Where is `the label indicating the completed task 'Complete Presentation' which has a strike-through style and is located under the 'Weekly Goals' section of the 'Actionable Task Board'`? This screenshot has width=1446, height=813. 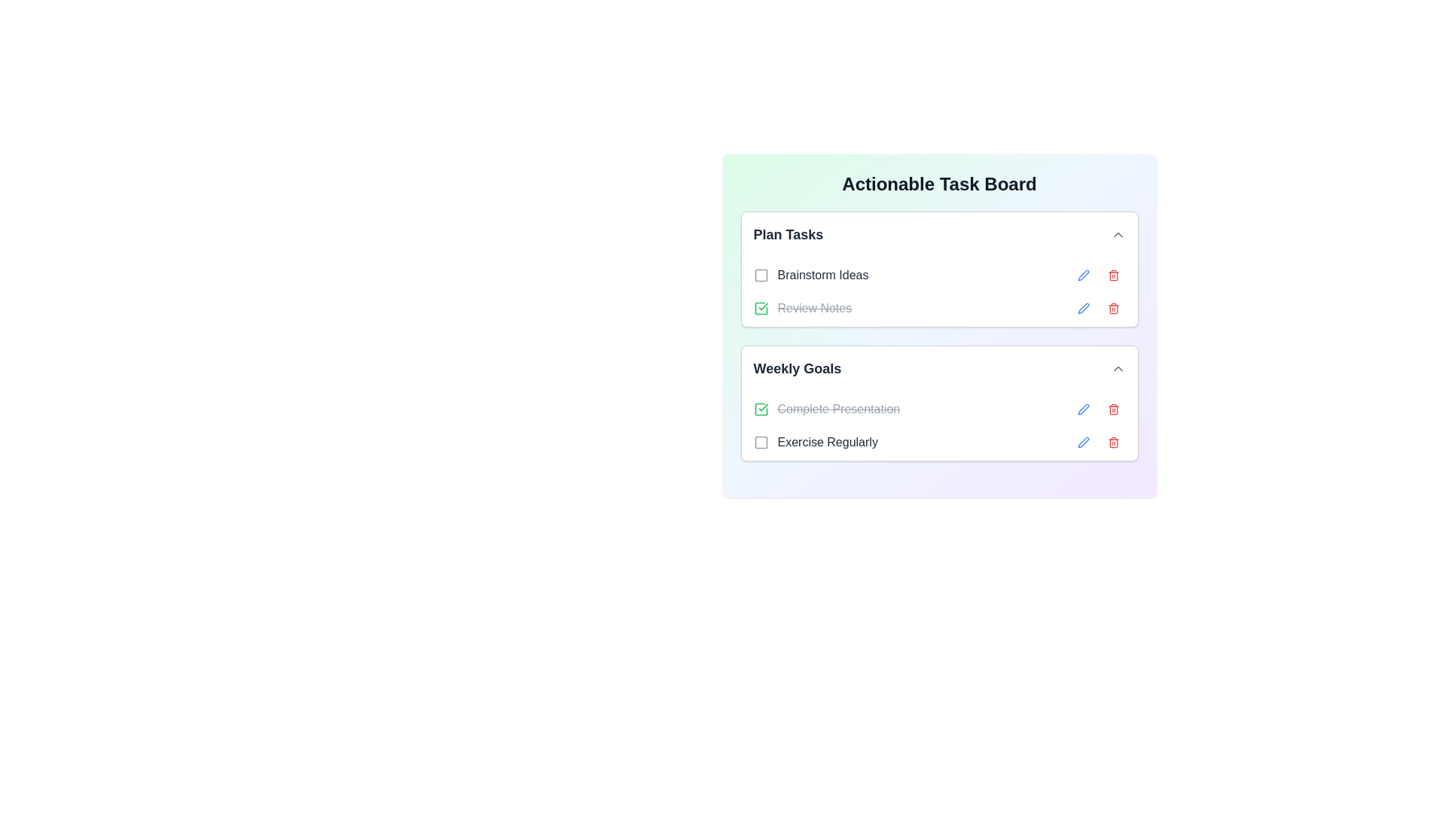 the label indicating the completed task 'Complete Presentation' which has a strike-through style and is located under the 'Weekly Goals' section of the 'Actionable Task Board' is located at coordinates (825, 409).